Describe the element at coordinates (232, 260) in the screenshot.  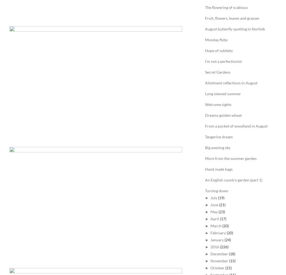
I see `'(15)'` at that location.